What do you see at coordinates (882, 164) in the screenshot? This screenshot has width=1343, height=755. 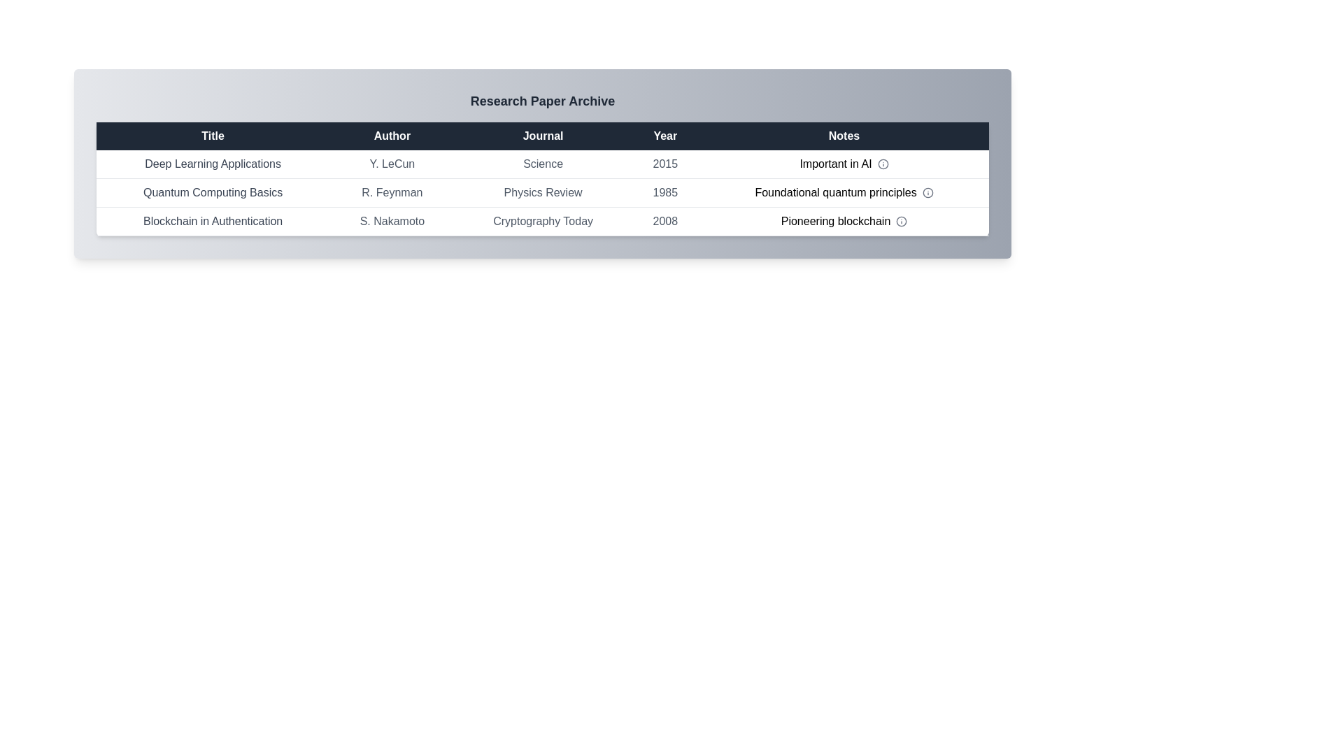 I see `the info icon for the row corresponding to Deep Learning Applications` at bounding box center [882, 164].